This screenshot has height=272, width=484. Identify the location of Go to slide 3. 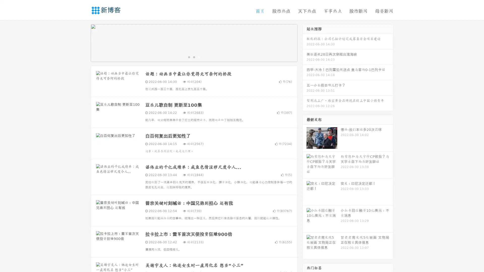
(199, 57).